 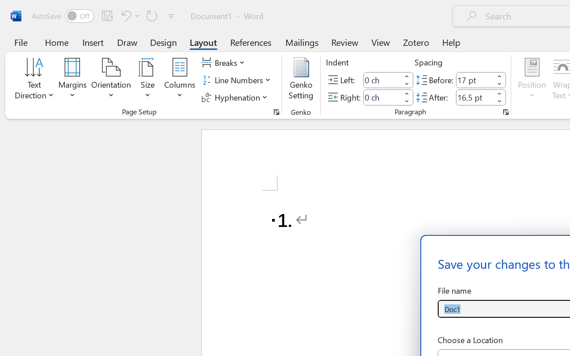 I want to click on 'Hyphenation', so click(x=236, y=97).